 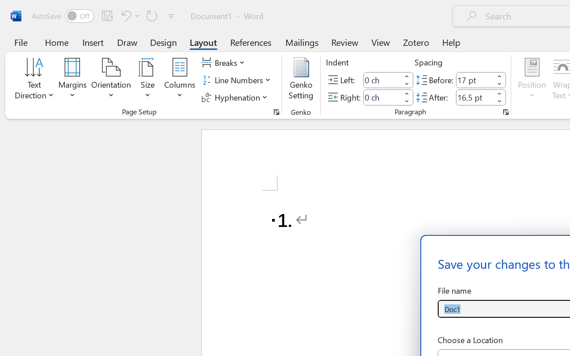 I want to click on 'Hyphenation', so click(x=236, y=97).